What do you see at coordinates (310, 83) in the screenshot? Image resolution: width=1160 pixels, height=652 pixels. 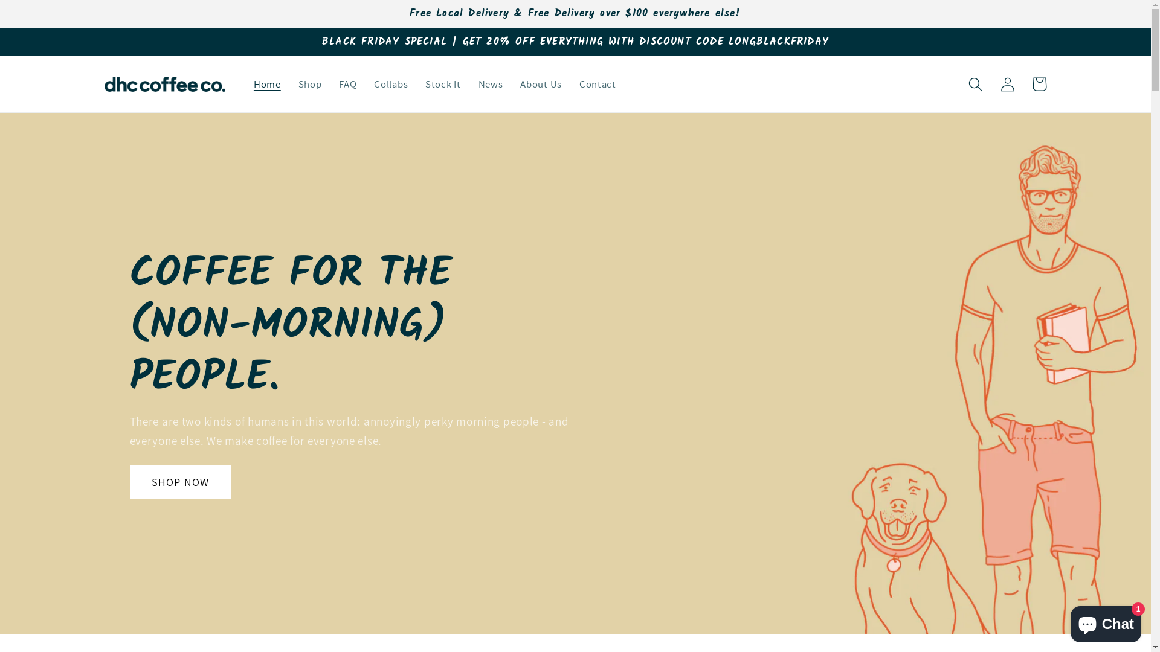 I see `'Shop'` at bounding box center [310, 83].